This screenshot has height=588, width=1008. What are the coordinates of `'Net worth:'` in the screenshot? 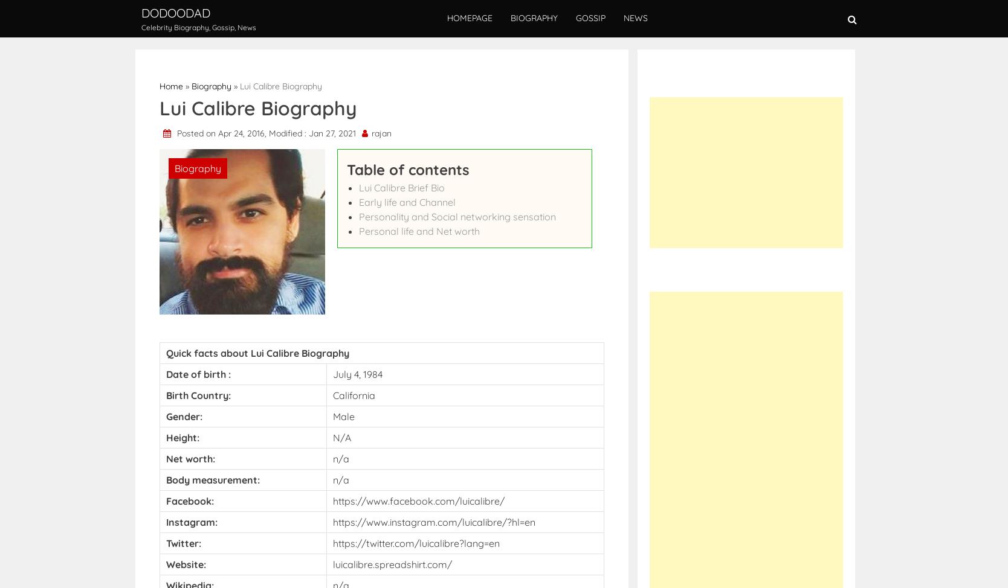 It's located at (190, 458).